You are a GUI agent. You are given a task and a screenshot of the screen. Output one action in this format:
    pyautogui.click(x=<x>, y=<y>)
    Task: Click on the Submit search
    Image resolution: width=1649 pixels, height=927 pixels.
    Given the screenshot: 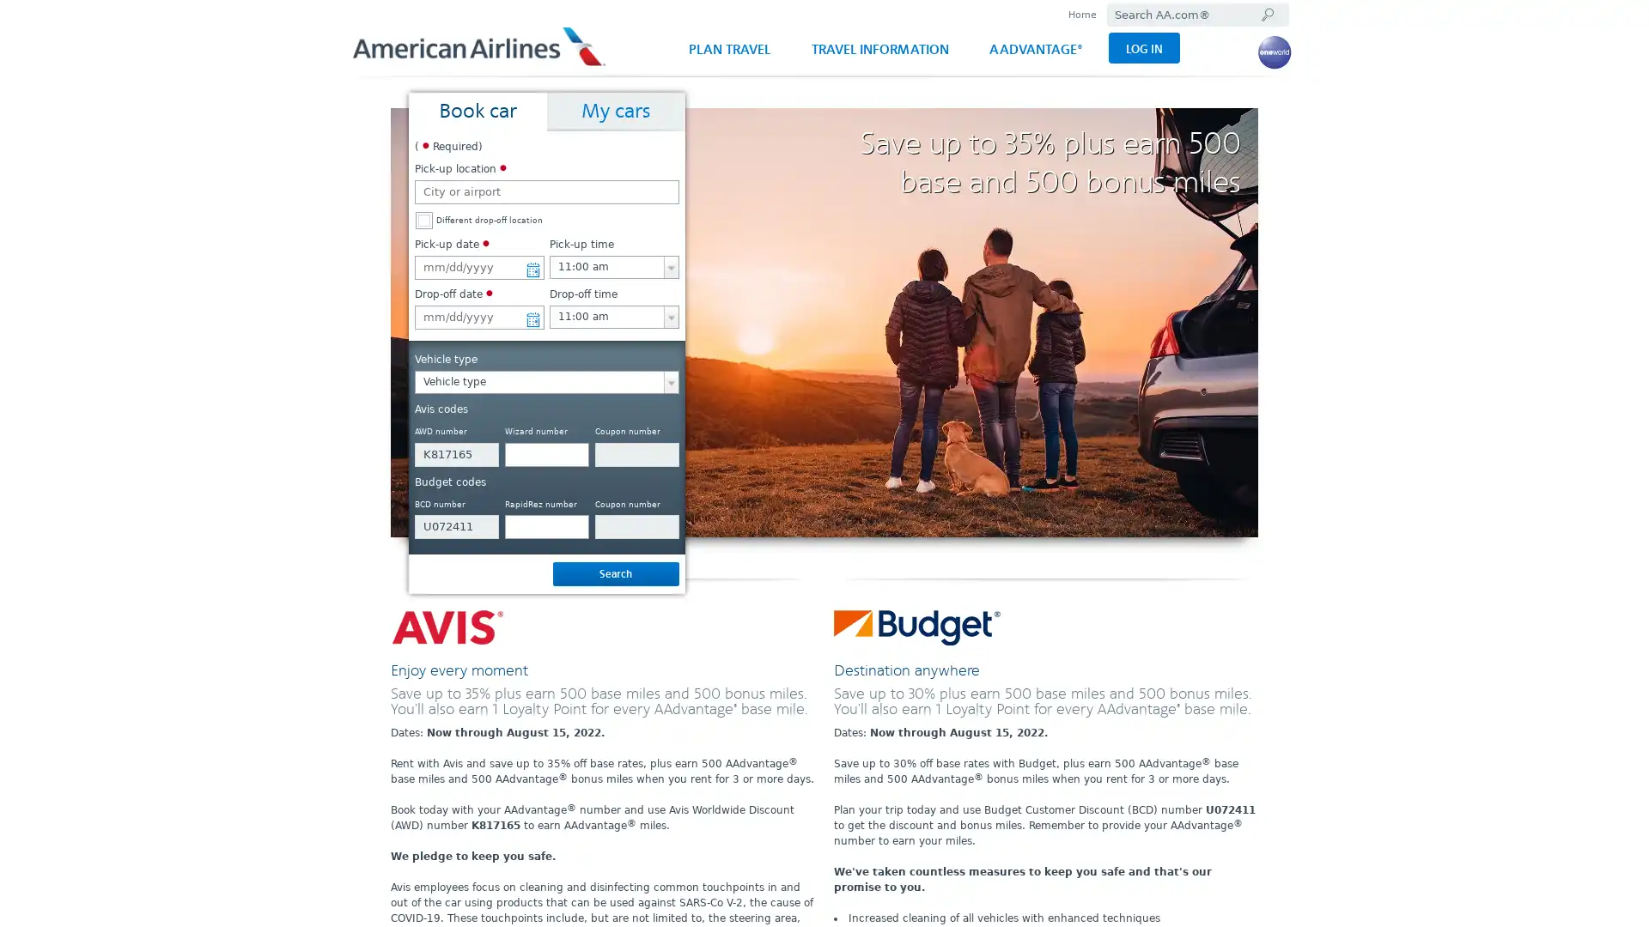 What is the action you would take?
    pyautogui.click(x=1266, y=15)
    